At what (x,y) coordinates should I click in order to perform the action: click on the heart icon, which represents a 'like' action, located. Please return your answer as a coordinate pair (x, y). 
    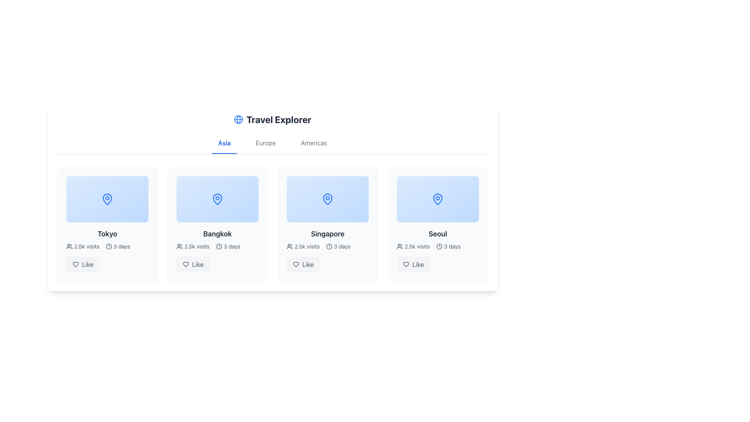
    Looking at the image, I should click on (406, 264).